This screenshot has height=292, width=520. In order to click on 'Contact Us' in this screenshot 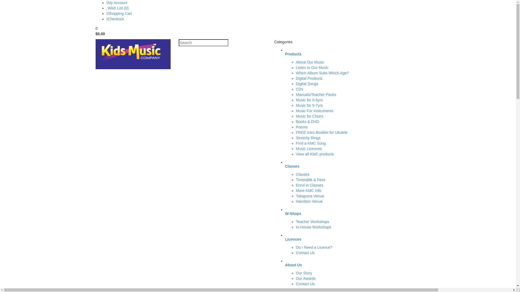, I will do `click(295, 253)`.